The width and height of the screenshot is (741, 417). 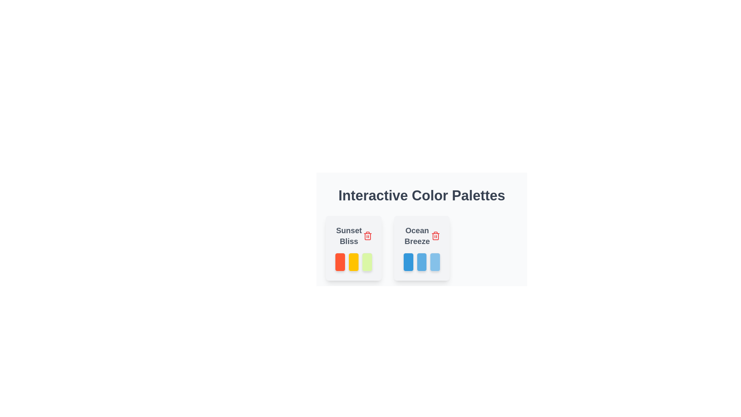 What do you see at coordinates (353, 261) in the screenshot?
I see `the second Decorative color block in the 'Sunset Bliss' theme palette, located in the leftmost column of the main layout` at bounding box center [353, 261].